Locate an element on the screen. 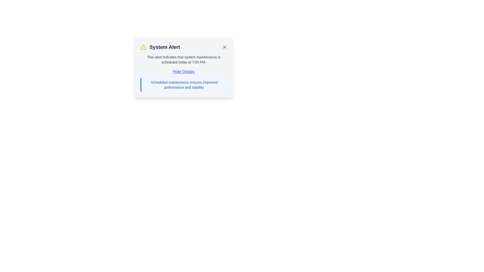  the yellow outlined triangle warning icon located to the left of the 'System Alert' text for information is located at coordinates (143, 47).